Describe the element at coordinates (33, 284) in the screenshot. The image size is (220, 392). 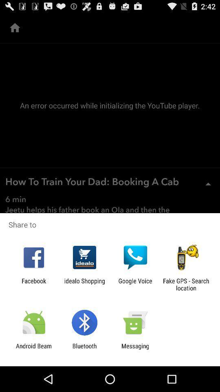
I see `the item next to idealo shopping icon` at that location.